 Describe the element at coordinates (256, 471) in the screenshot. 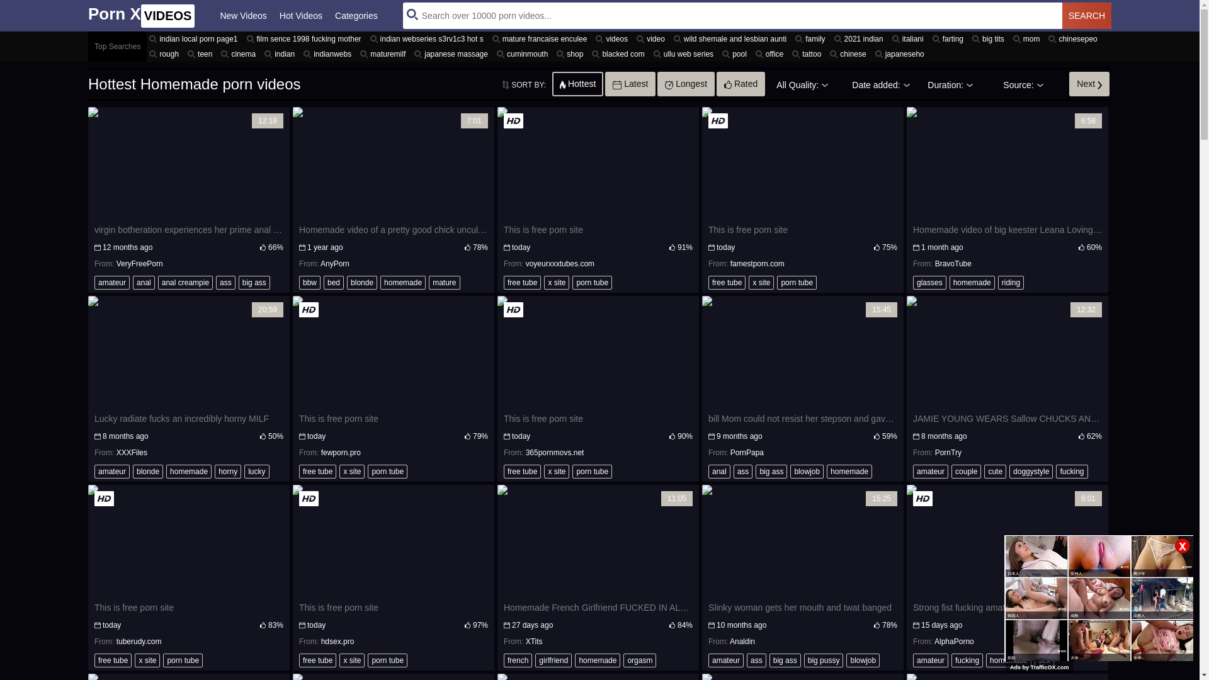

I see `'lucky'` at that location.